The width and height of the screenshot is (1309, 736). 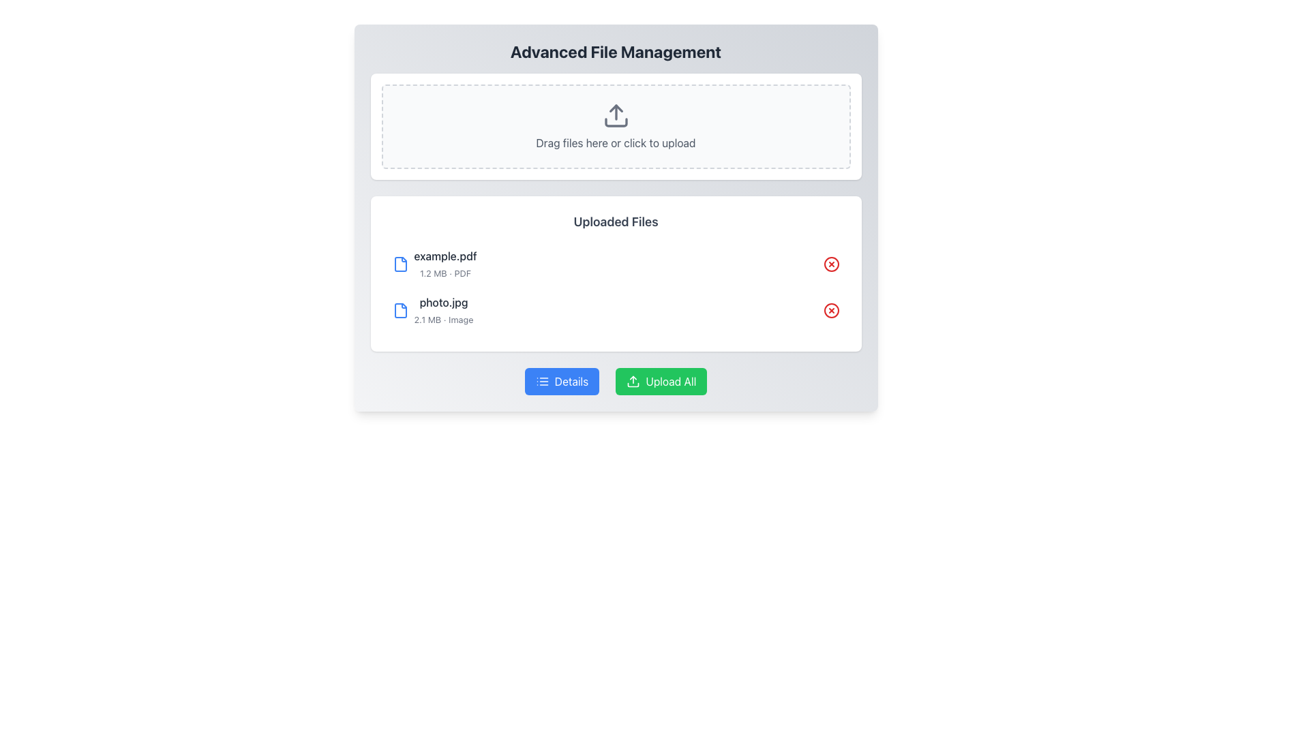 What do you see at coordinates (445, 256) in the screenshot?
I see `the Text Label displaying the name 'example.pdf' which is located to the right of a blue file icon in the uploaded files section` at bounding box center [445, 256].